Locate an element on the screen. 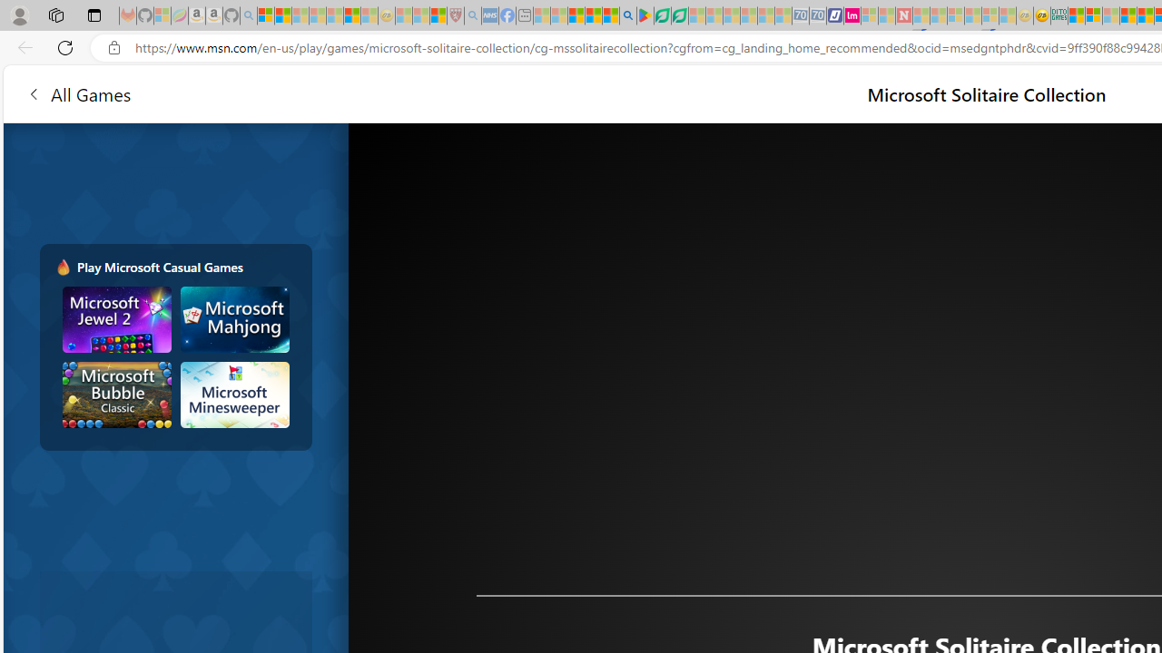  'MSNBC - MSN' is located at coordinates (1076, 15).